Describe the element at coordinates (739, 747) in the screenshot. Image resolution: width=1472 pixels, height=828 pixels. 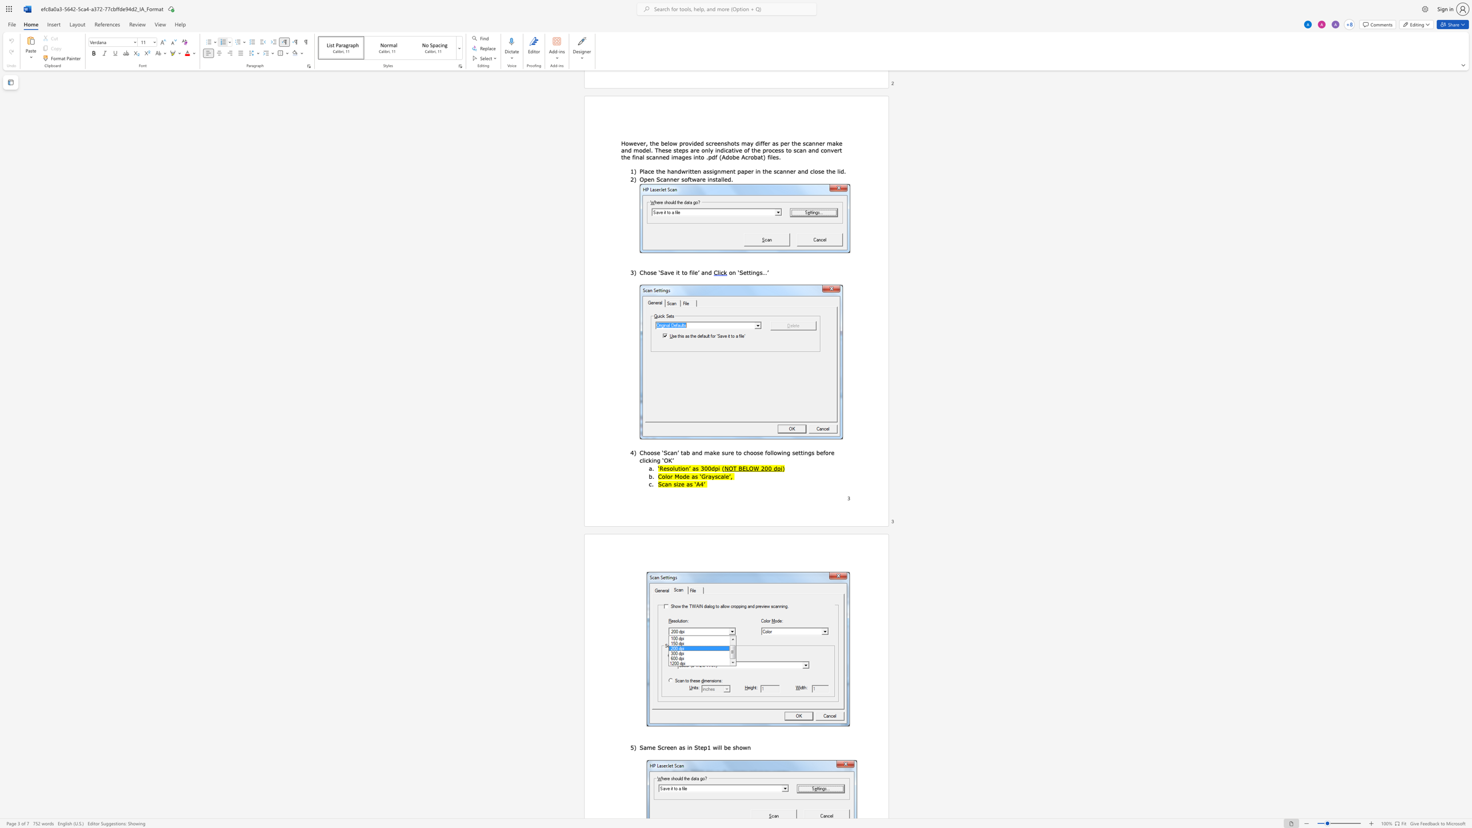
I see `the space between the continuous character "h" and "o" in the text` at that location.